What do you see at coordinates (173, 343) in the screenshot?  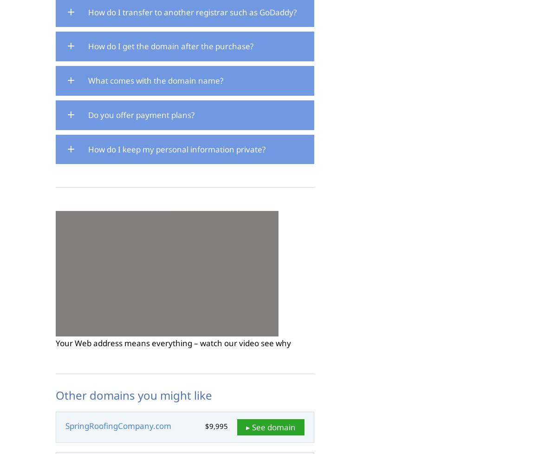 I see `'Your Web address means everything – watch our video see why'` at bounding box center [173, 343].